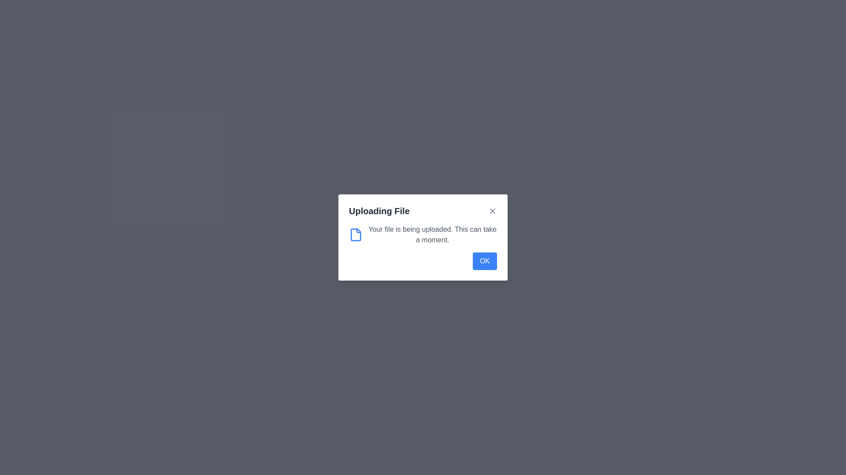 The height and width of the screenshot is (475, 846). What do you see at coordinates (356, 234) in the screenshot?
I see `the file upload icon located on the leftmost side of the 'Uploading File' dialog box, adjacent to the text 'Your file is being uploaded. This can take a moment.'` at bounding box center [356, 234].